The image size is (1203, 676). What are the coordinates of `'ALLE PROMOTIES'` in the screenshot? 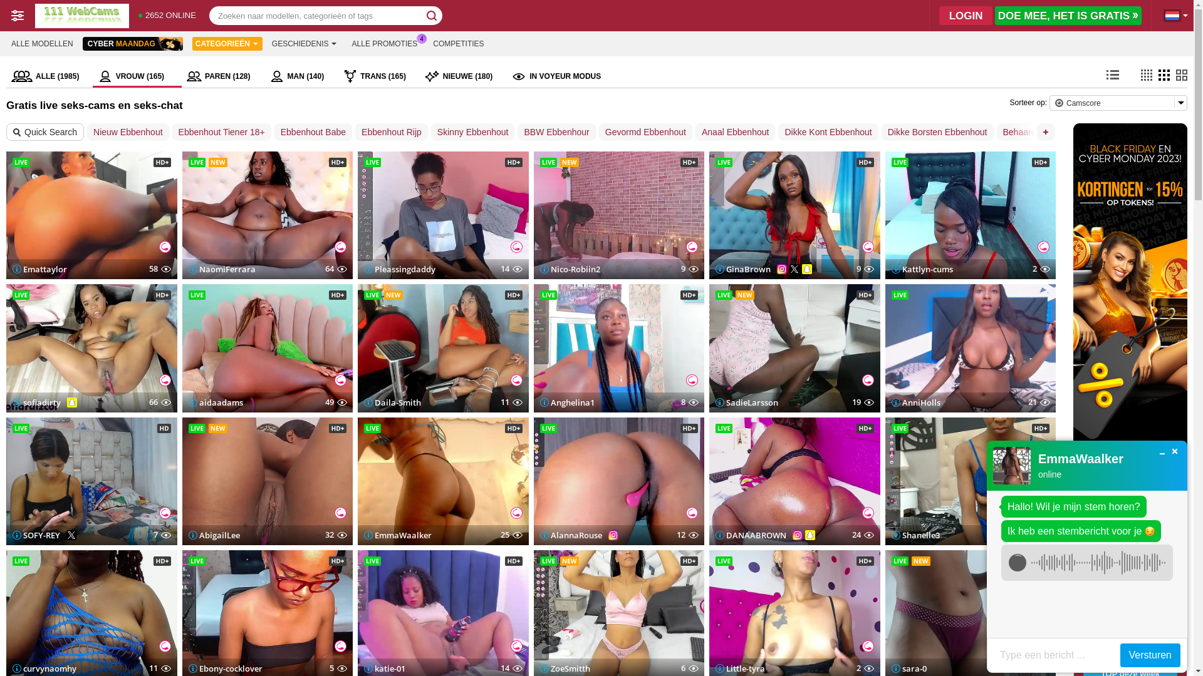 It's located at (384, 43).